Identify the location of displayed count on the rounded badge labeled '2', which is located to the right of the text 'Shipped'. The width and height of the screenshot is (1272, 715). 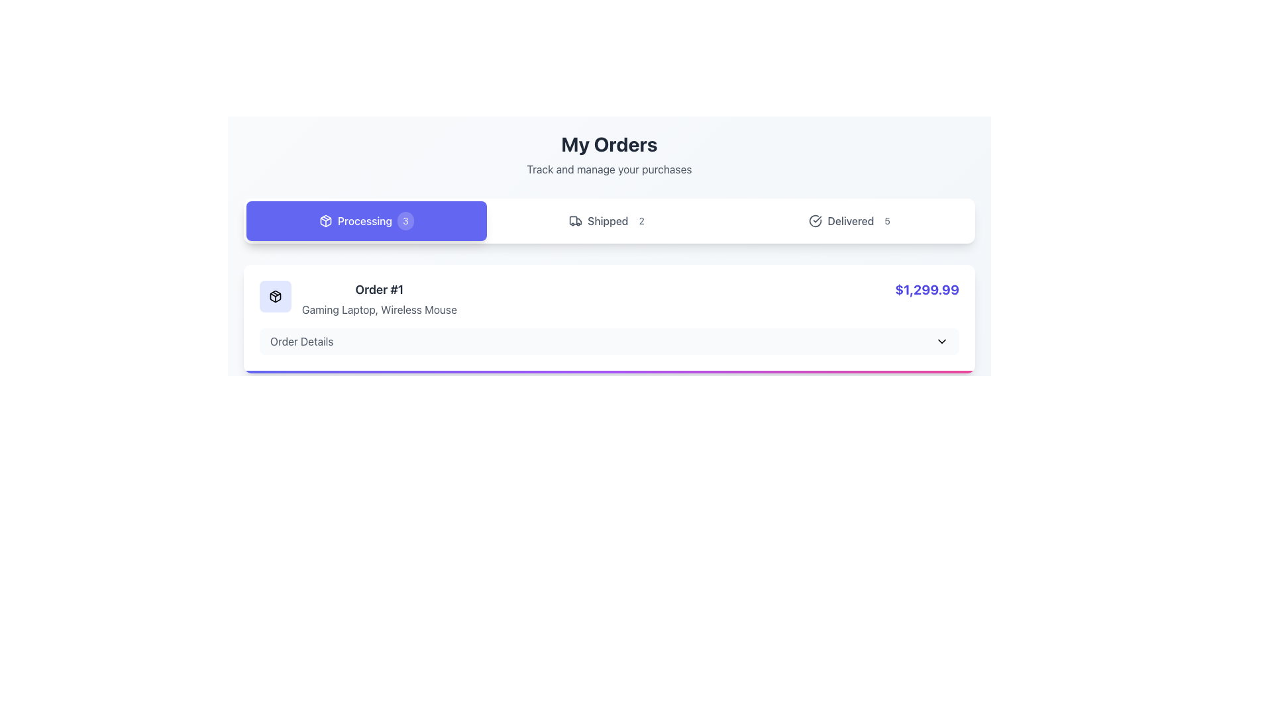
(641, 220).